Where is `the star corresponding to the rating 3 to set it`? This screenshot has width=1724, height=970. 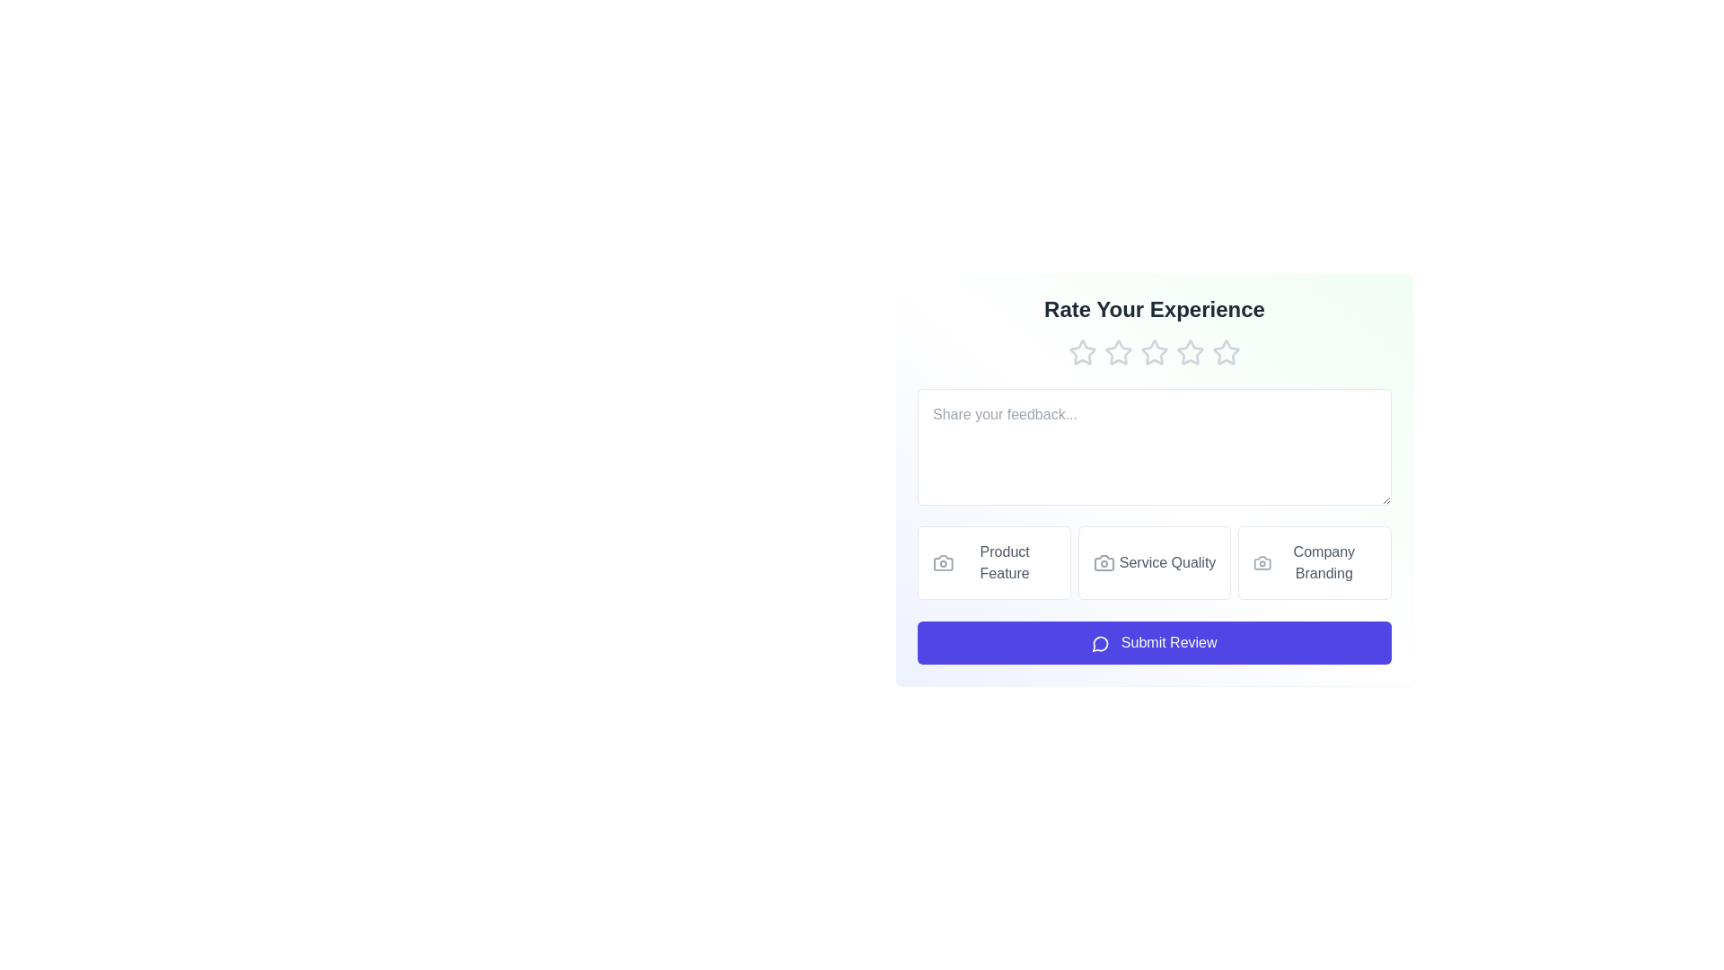
the star corresponding to the rating 3 to set it is located at coordinates (1155, 353).